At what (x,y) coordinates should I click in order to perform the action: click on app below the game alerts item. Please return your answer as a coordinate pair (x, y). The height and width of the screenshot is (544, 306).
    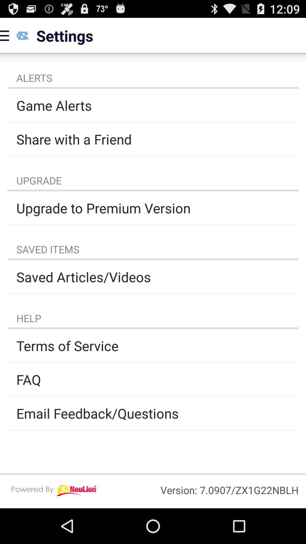
    Looking at the image, I should click on (153, 139).